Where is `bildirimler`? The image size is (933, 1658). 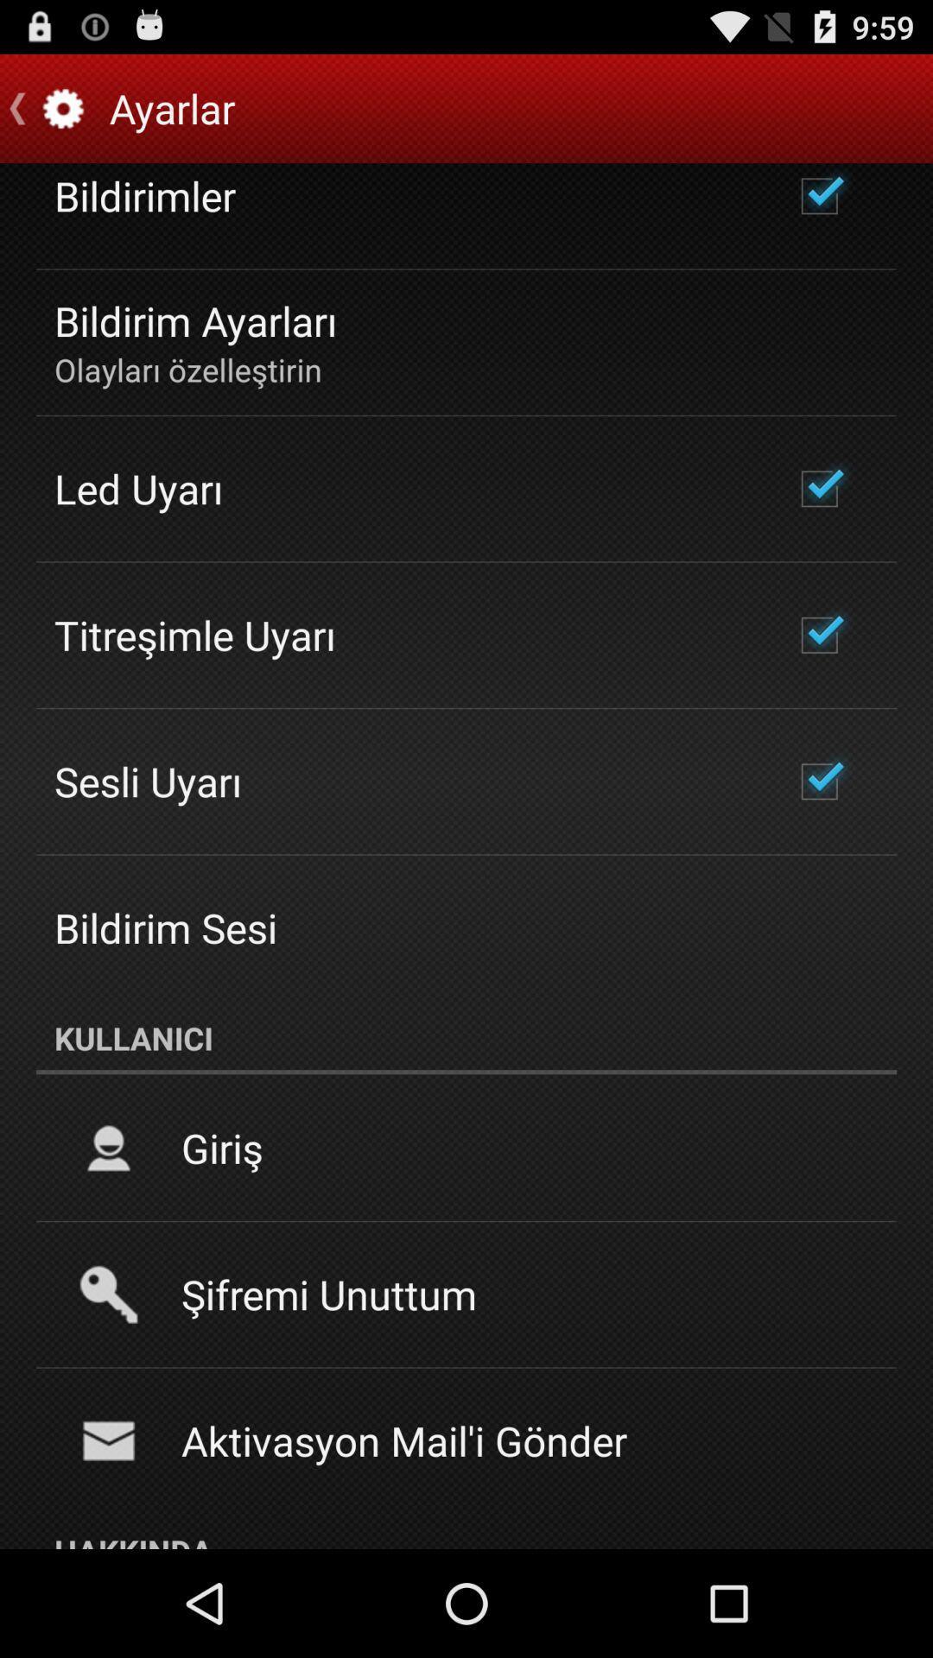 bildirimler is located at coordinates (144, 195).